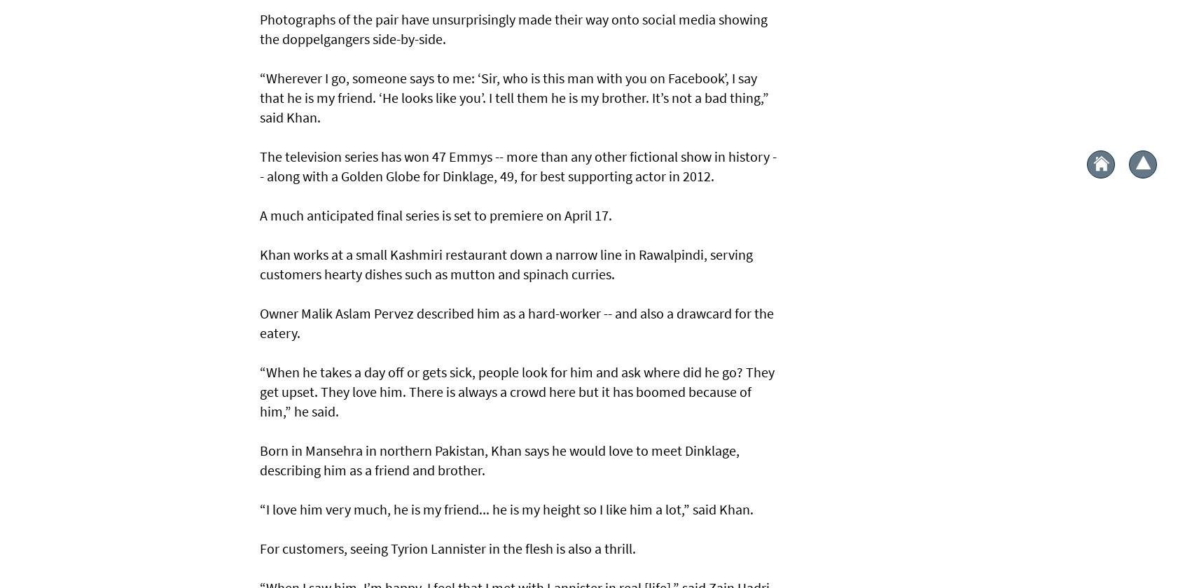  Describe the element at coordinates (513, 28) in the screenshot. I see `'Photographs of the pair have unsurprisingly made their way onto social media showing the doppelgangers side-by-side.'` at that location.